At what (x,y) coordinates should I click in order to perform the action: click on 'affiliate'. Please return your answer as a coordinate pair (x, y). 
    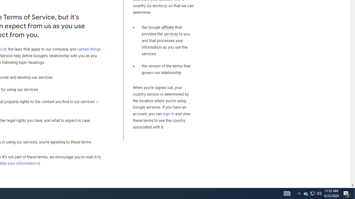
    Looking at the image, I should click on (167, 27).